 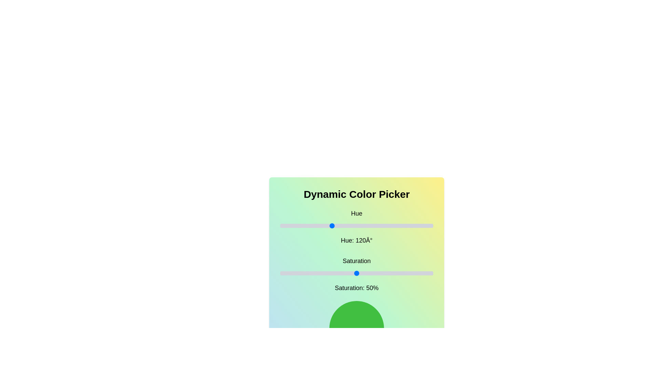 What do you see at coordinates (419, 273) in the screenshot?
I see `the saturation slider to set the saturation to 91%` at bounding box center [419, 273].